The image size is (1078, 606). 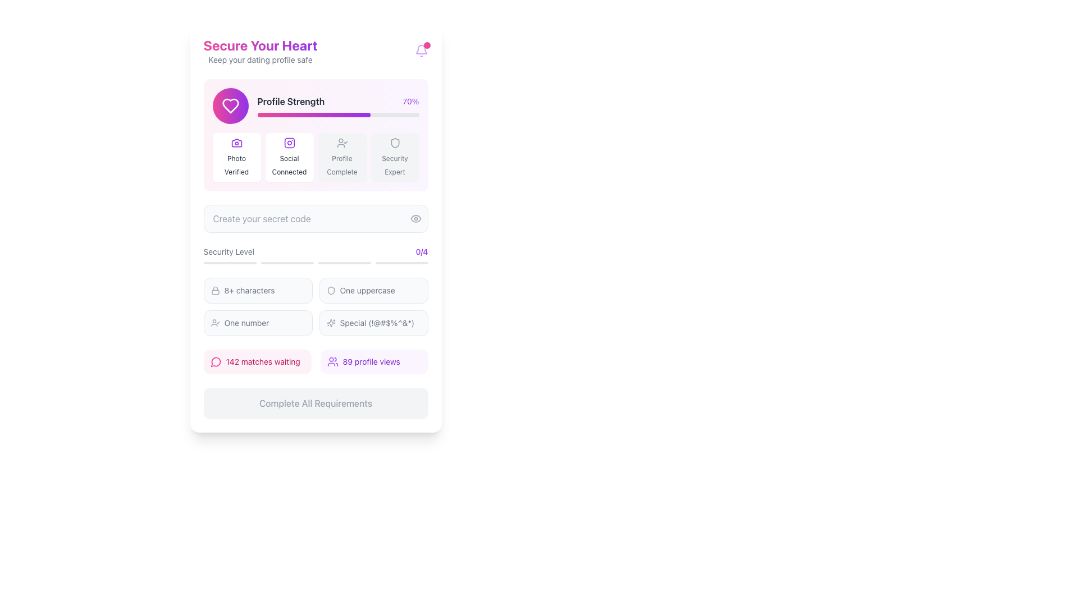 I want to click on the informative card indicating that the user's photo has been verified, which is the first card in the group located under the 'Profile Strength' section, so click(x=236, y=158).